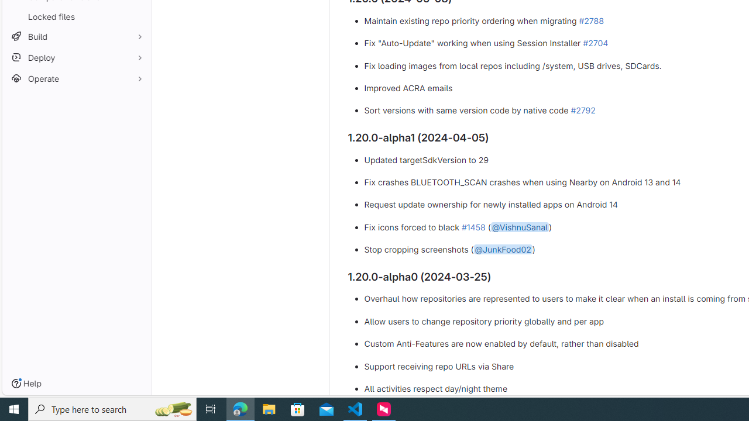  Describe the element at coordinates (269, 408) in the screenshot. I see `'File Explorer'` at that location.